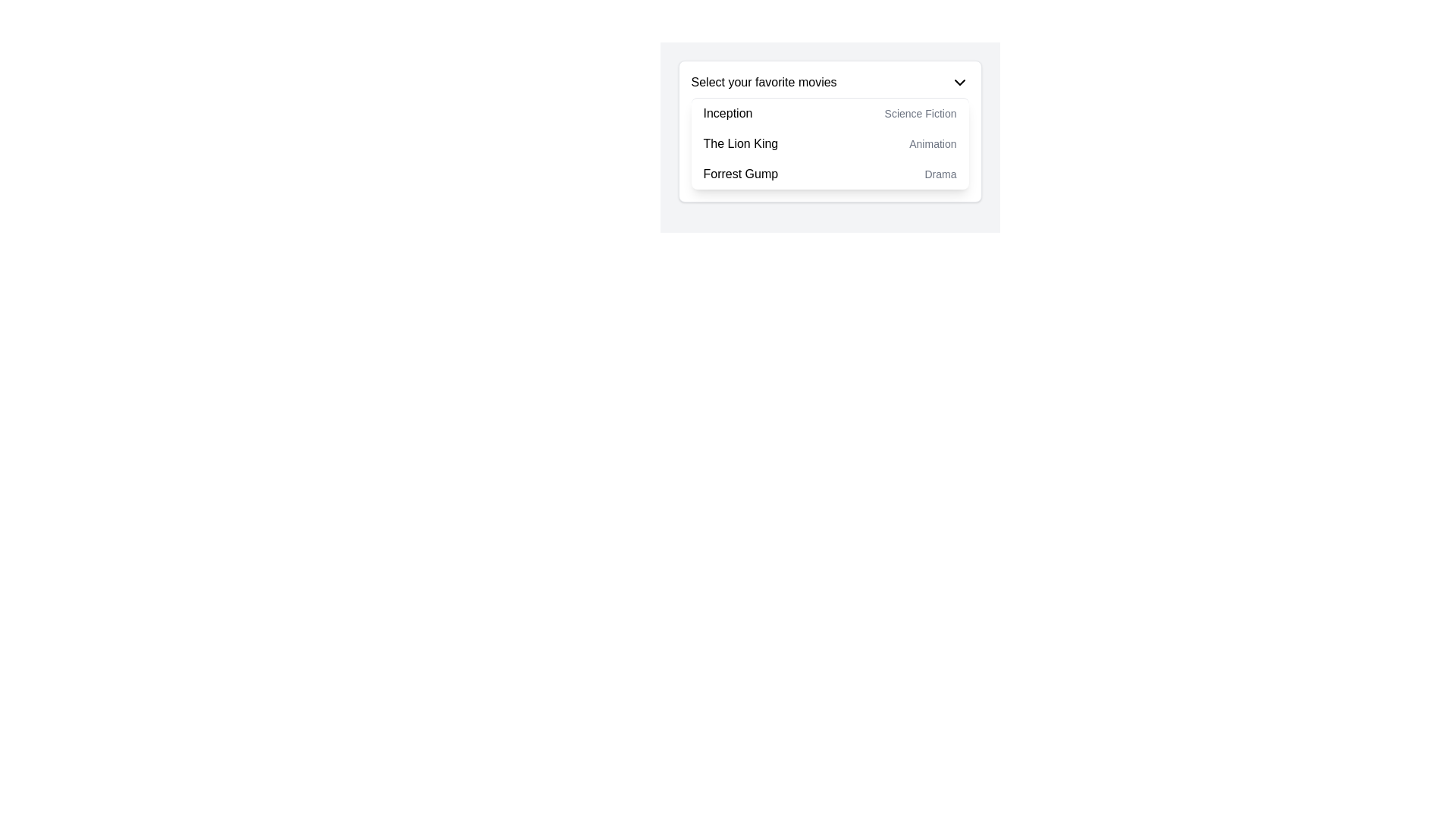 The height and width of the screenshot is (819, 1456). Describe the element at coordinates (728, 113) in the screenshot. I see `the text label displaying the movie name 'Inception', which is located at the top of a list of movie options and positioned to the left of the smaller text label 'Science Fiction'` at that location.